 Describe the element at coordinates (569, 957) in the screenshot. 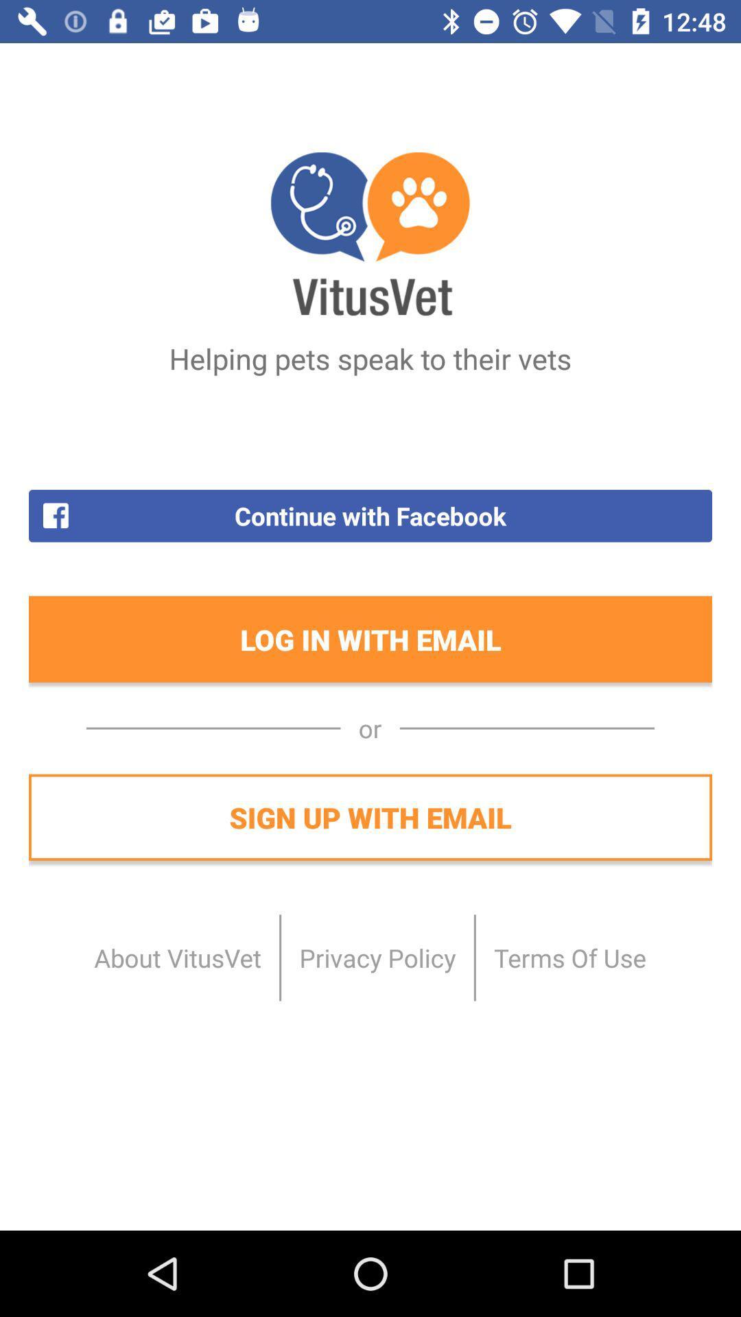

I see `item below the sign up with icon` at that location.